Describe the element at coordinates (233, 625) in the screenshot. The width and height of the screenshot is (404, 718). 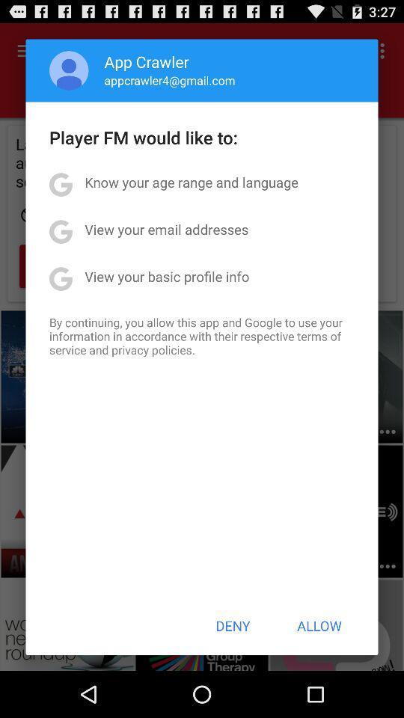
I see `the deny item` at that location.